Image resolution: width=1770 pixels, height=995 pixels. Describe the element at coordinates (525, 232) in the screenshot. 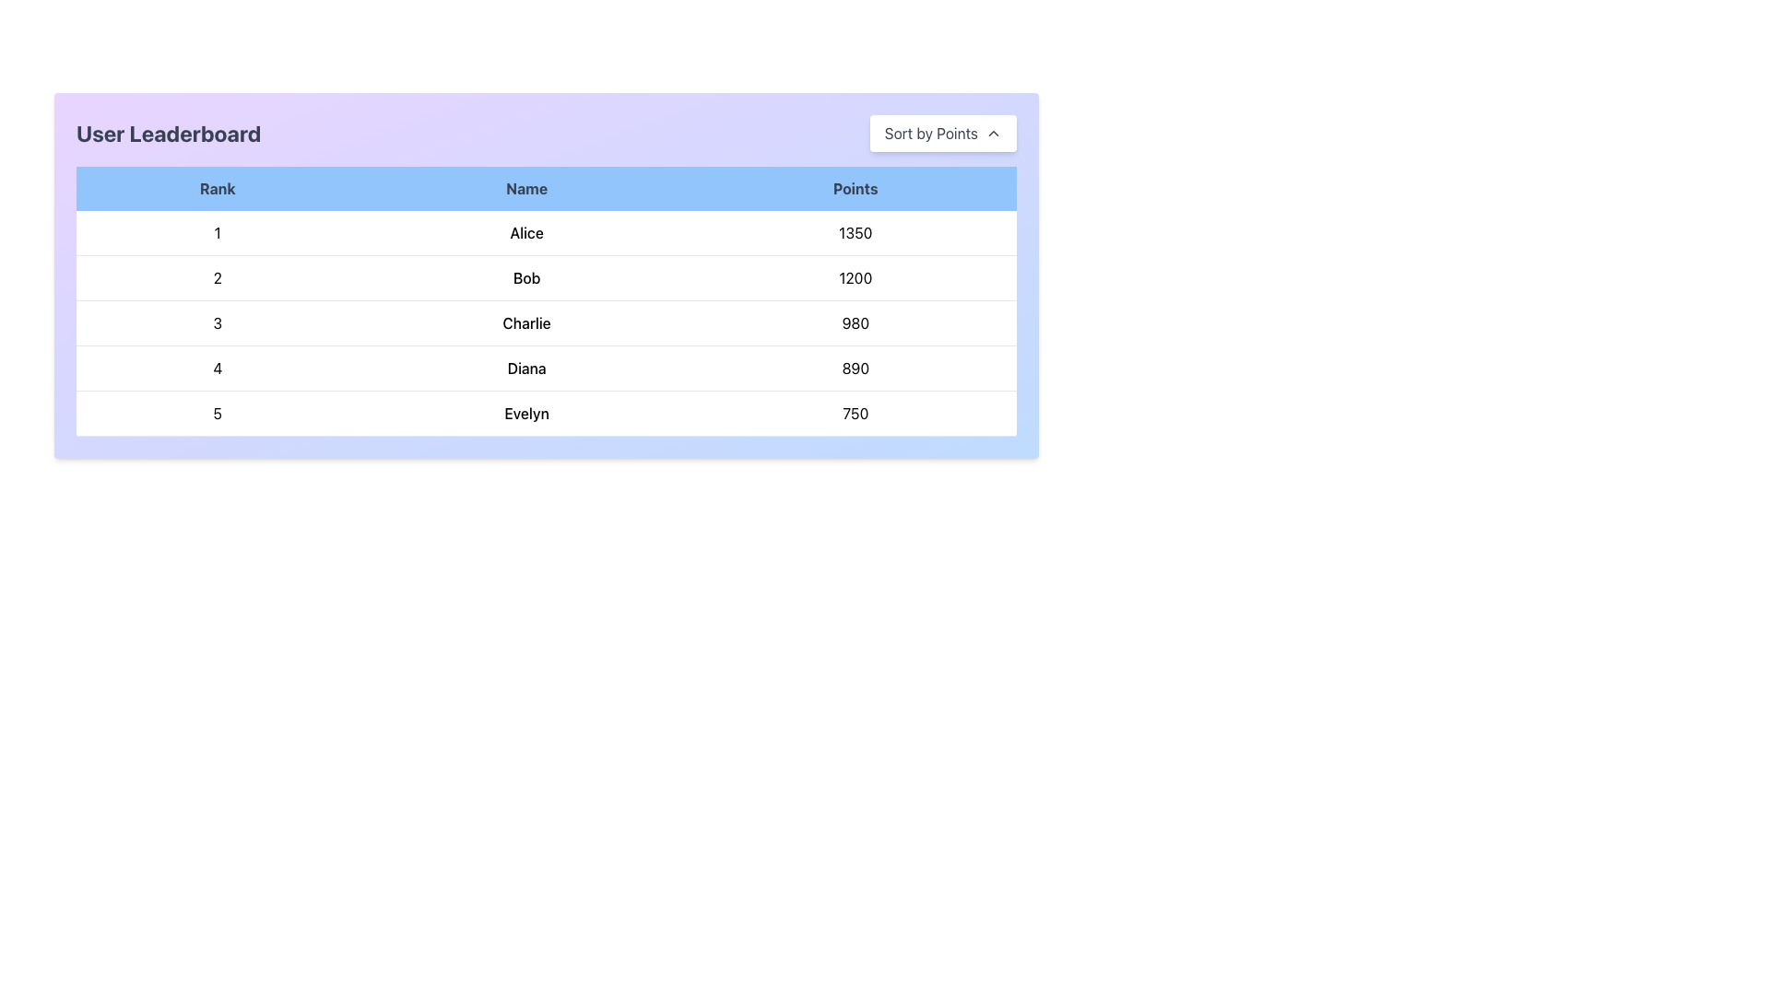

I see `the text display reading 'Alice' in bold font, which is located in the 'Name' column of the leaderboard table` at that location.